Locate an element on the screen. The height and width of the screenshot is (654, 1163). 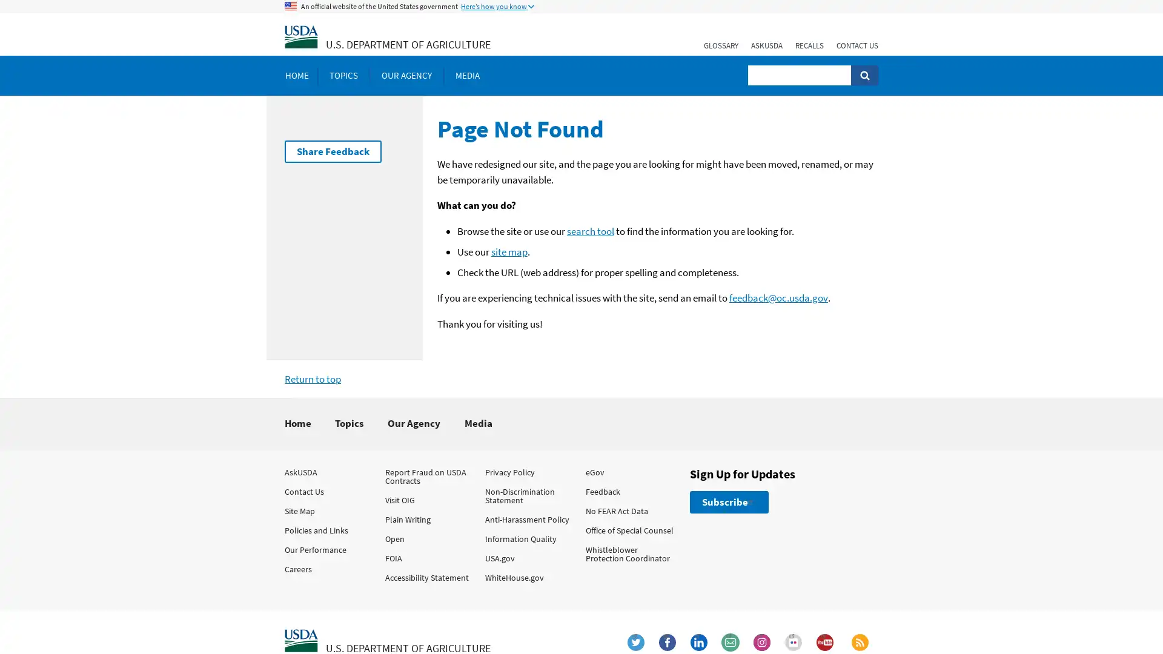
Heres how you know is located at coordinates (497, 7).